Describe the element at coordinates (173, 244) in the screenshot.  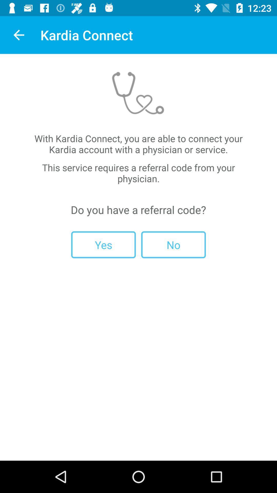
I see `icon below do you have icon` at that location.